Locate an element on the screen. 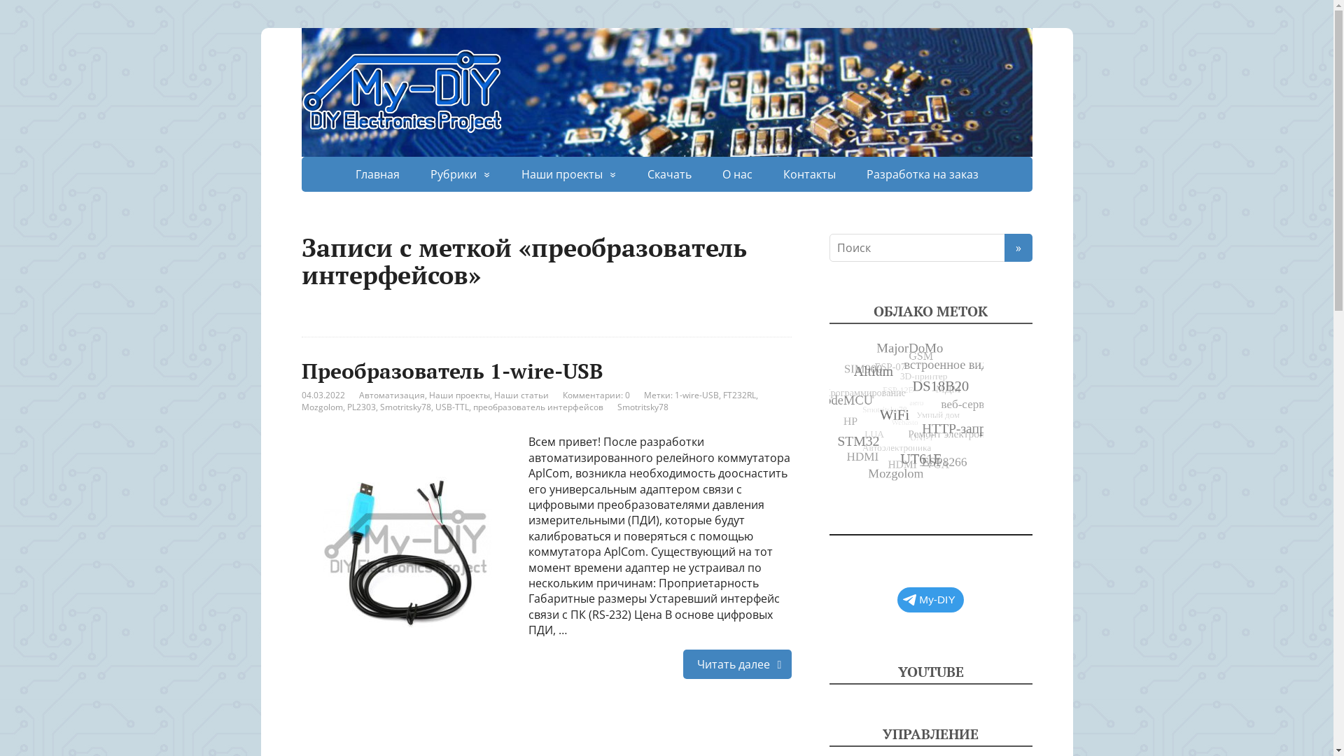  'PL2303' is located at coordinates (361, 407).